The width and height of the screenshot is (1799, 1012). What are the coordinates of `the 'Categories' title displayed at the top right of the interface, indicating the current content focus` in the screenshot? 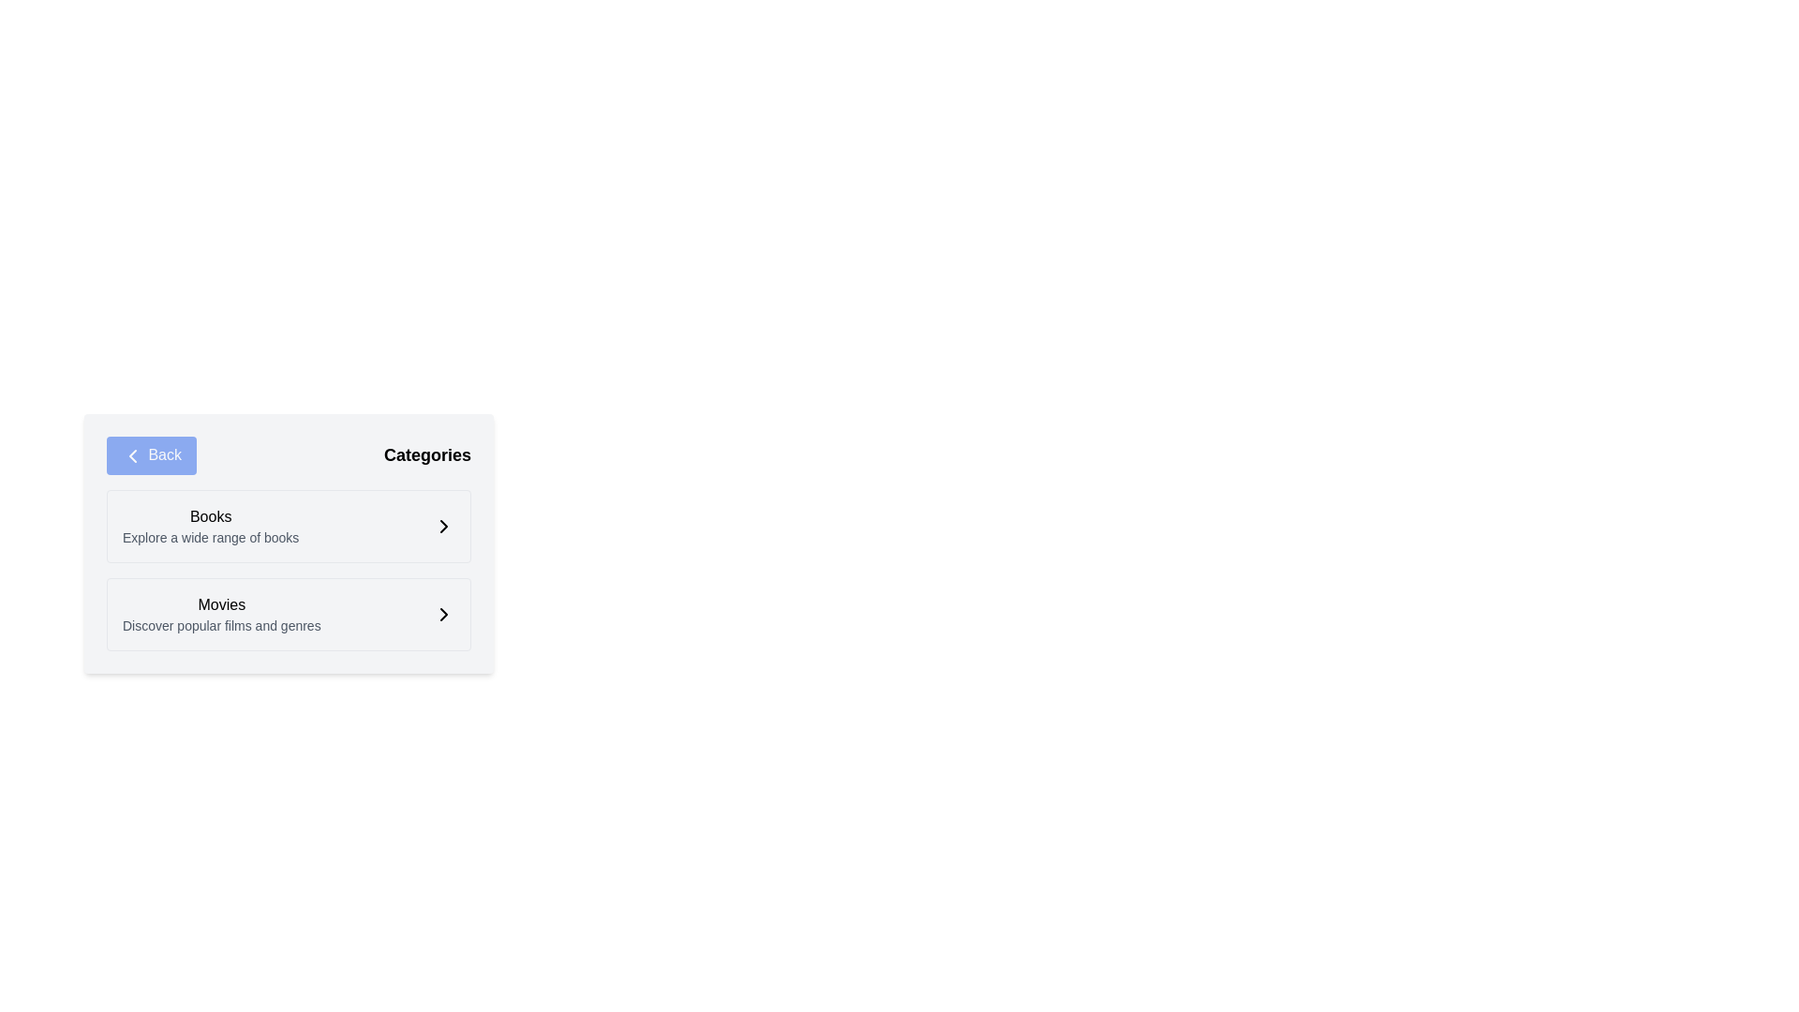 It's located at (426, 455).